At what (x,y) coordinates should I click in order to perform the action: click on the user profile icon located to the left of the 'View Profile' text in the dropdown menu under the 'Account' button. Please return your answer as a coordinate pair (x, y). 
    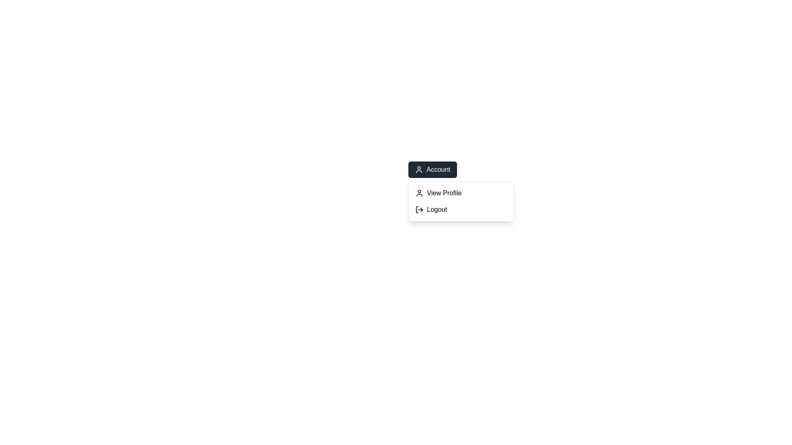
    Looking at the image, I should click on (420, 193).